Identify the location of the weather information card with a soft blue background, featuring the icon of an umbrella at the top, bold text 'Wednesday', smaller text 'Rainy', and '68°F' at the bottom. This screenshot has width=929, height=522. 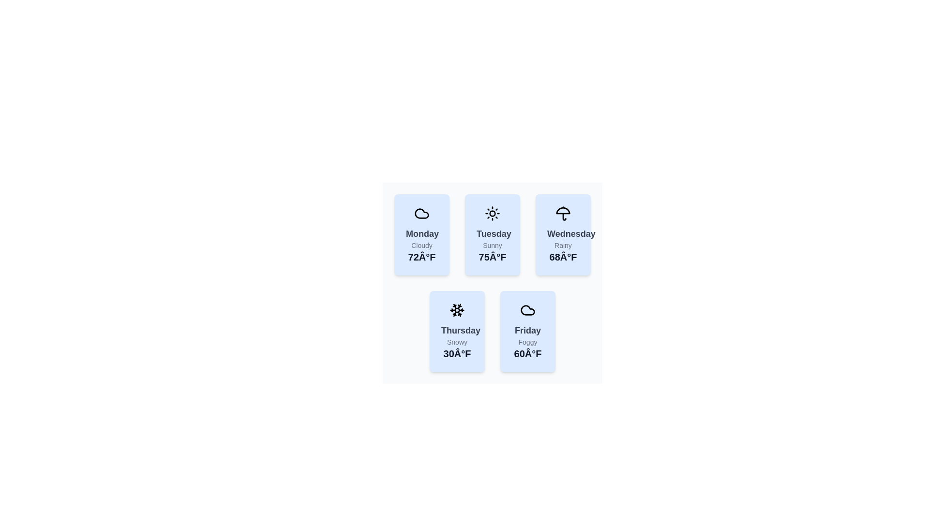
(555, 227).